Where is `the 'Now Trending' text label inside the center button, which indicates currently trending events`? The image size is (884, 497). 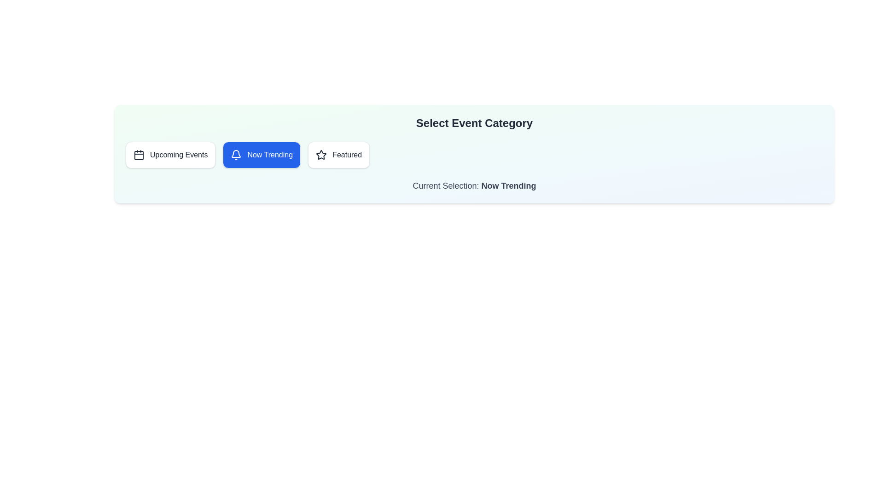 the 'Now Trending' text label inside the center button, which indicates currently trending events is located at coordinates (269, 154).